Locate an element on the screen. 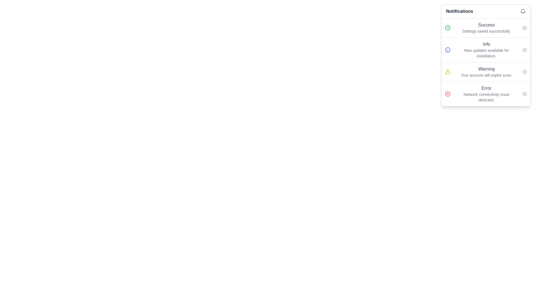 This screenshot has height=301, width=535. the 'Success' text label displayed in bold gray font, located at the top of the notification list in the right-hand notification panel is located at coordinates (486, 25).